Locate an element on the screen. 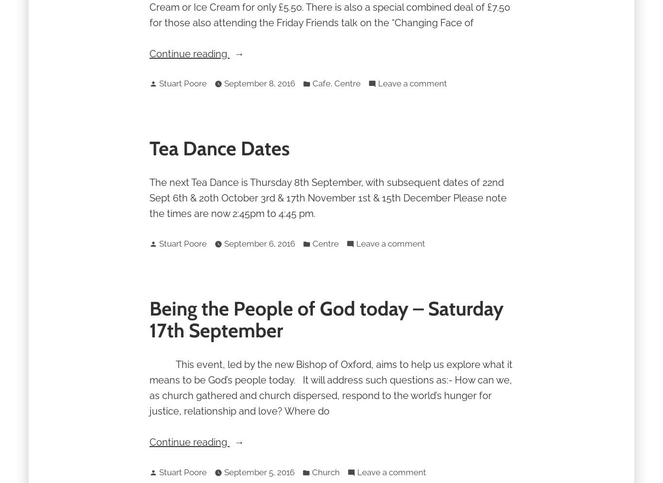  'September 6, 2016' is located at coordinates (260, 242).